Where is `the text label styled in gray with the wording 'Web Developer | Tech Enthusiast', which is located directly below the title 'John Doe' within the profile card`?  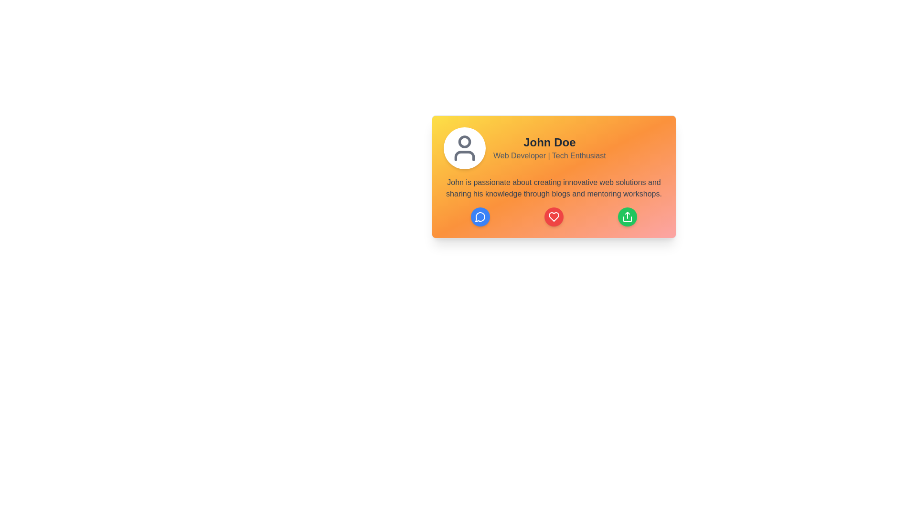
the text label styled in gray with the wording 'Web Developer | Tech Enthusiast', which is located directly below the title 'John Doe' within the profile card is located at coordinates (549, 155).